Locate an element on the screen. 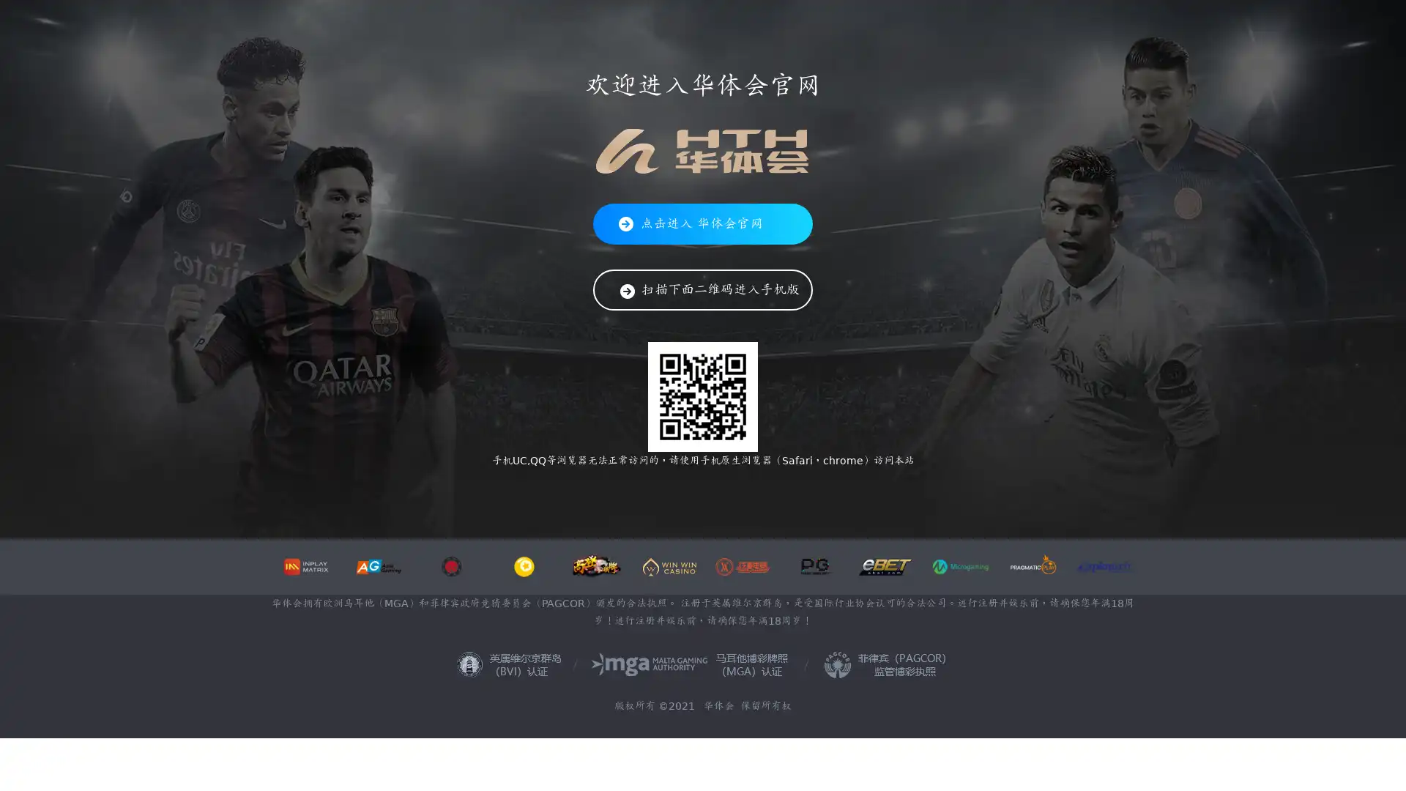 This screenshot has width=1406, height=791. 7 is located at coordinates (655, 488).